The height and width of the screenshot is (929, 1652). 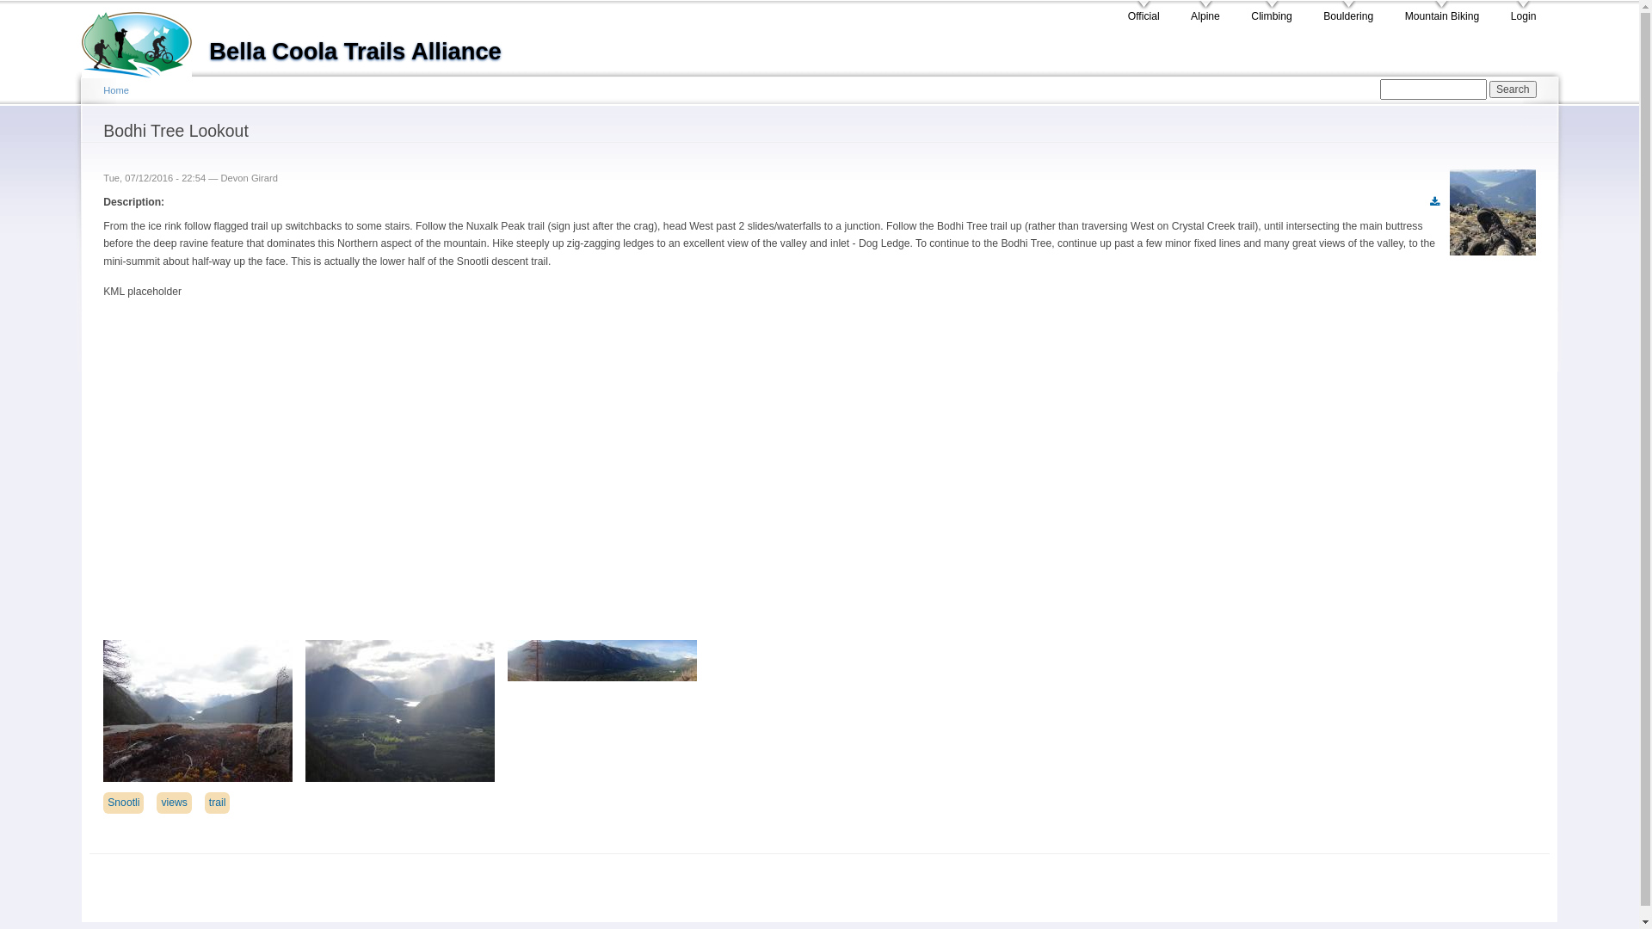 I want to click on 'Bouldering', so click(x=1347, y=13).